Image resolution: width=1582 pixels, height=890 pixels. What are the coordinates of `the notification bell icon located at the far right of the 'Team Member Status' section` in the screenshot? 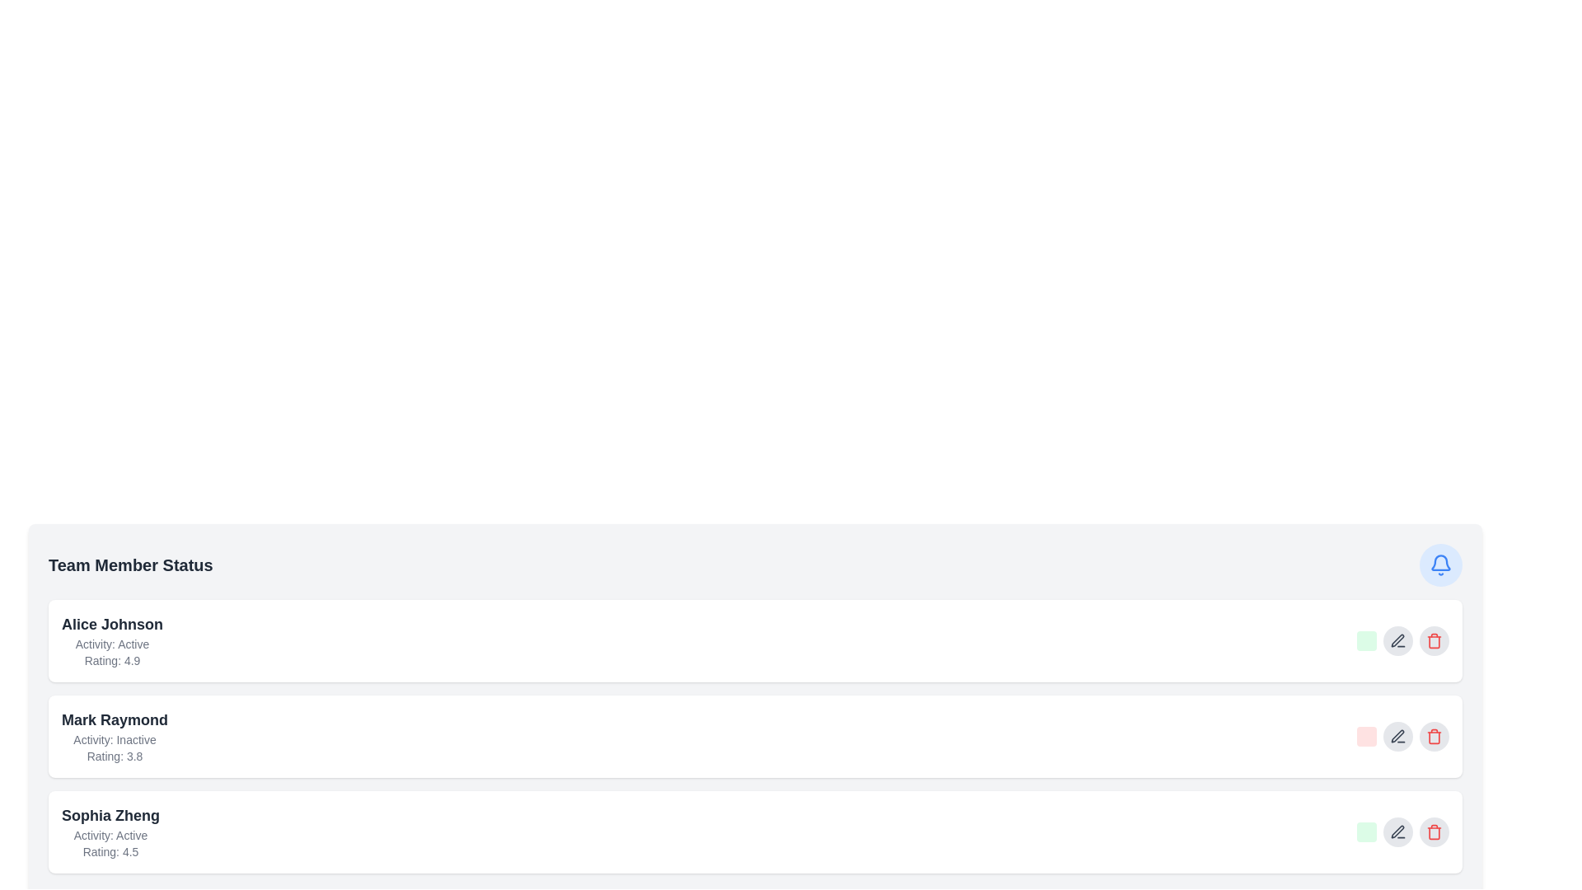 It's located at (1439, 564).